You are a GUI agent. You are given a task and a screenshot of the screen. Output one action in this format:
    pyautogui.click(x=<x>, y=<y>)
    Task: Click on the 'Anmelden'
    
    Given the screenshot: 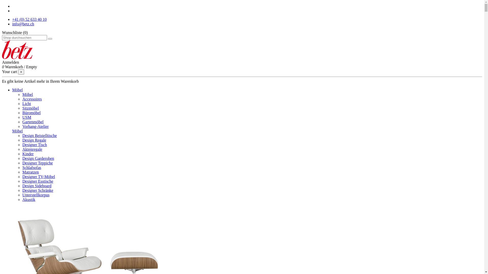 What is the action you would take?
    pyautogui.click(x=10, y=62)
    